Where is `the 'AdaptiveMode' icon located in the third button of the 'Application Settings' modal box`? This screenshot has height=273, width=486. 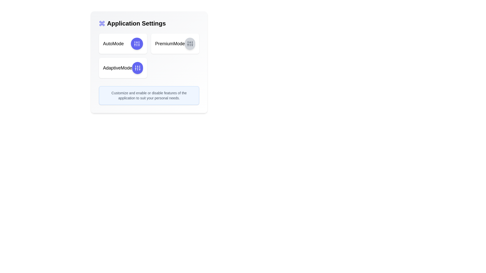
the 'AdaptiveMode' icon located in the third button of the 'Application Settings' modal box is located at coordinates (137, 68).